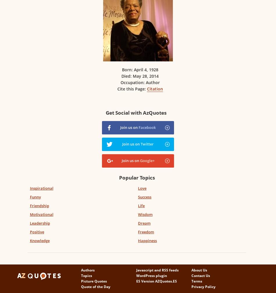 Image resolution: width=276 pixels, height=293 pixels. I want to click on 'Google+', so click(147, 160).